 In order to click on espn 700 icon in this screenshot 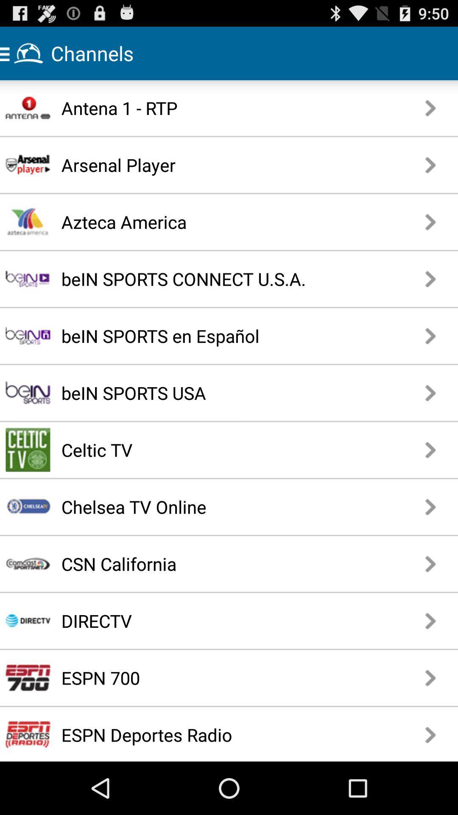, I will do `click(200, 677)`.